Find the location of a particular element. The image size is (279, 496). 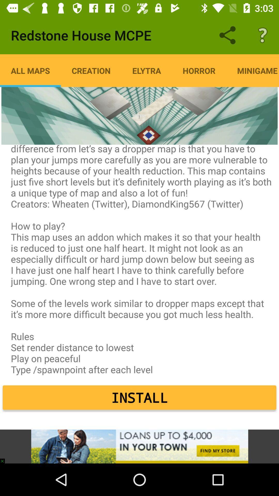

item to the left of minigame is located at coordinates (199, 70).